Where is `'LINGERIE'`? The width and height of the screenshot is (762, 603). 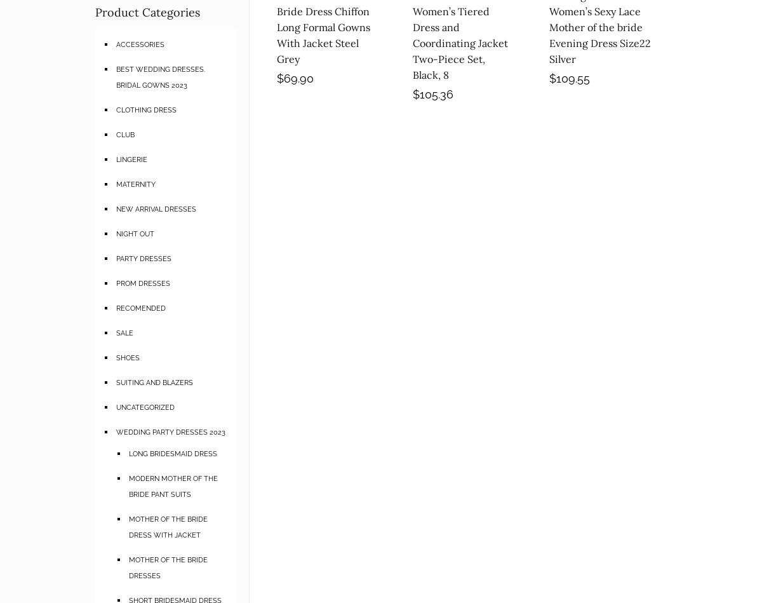 'LINGERIE' is located at coordinates (116, 158).